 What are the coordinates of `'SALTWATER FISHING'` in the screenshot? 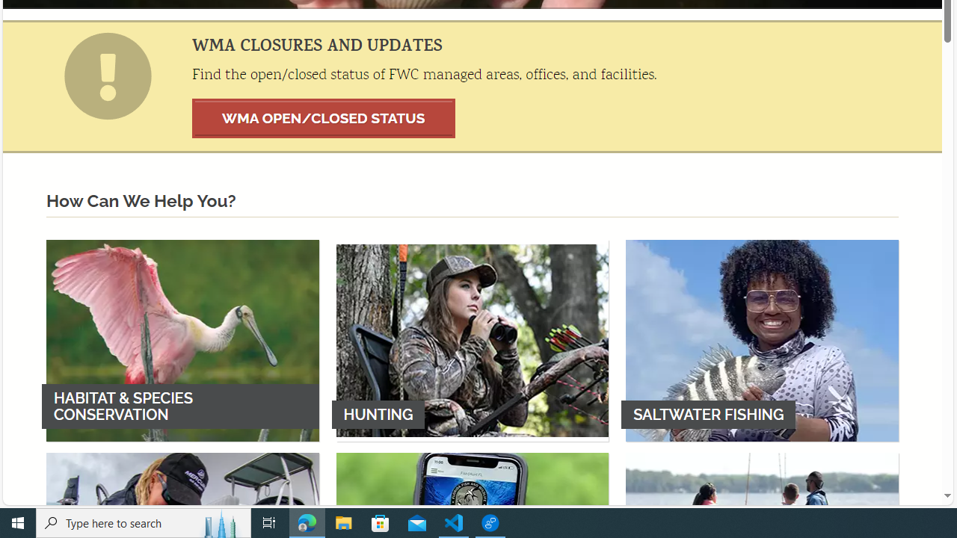 It's located at (762, 340).